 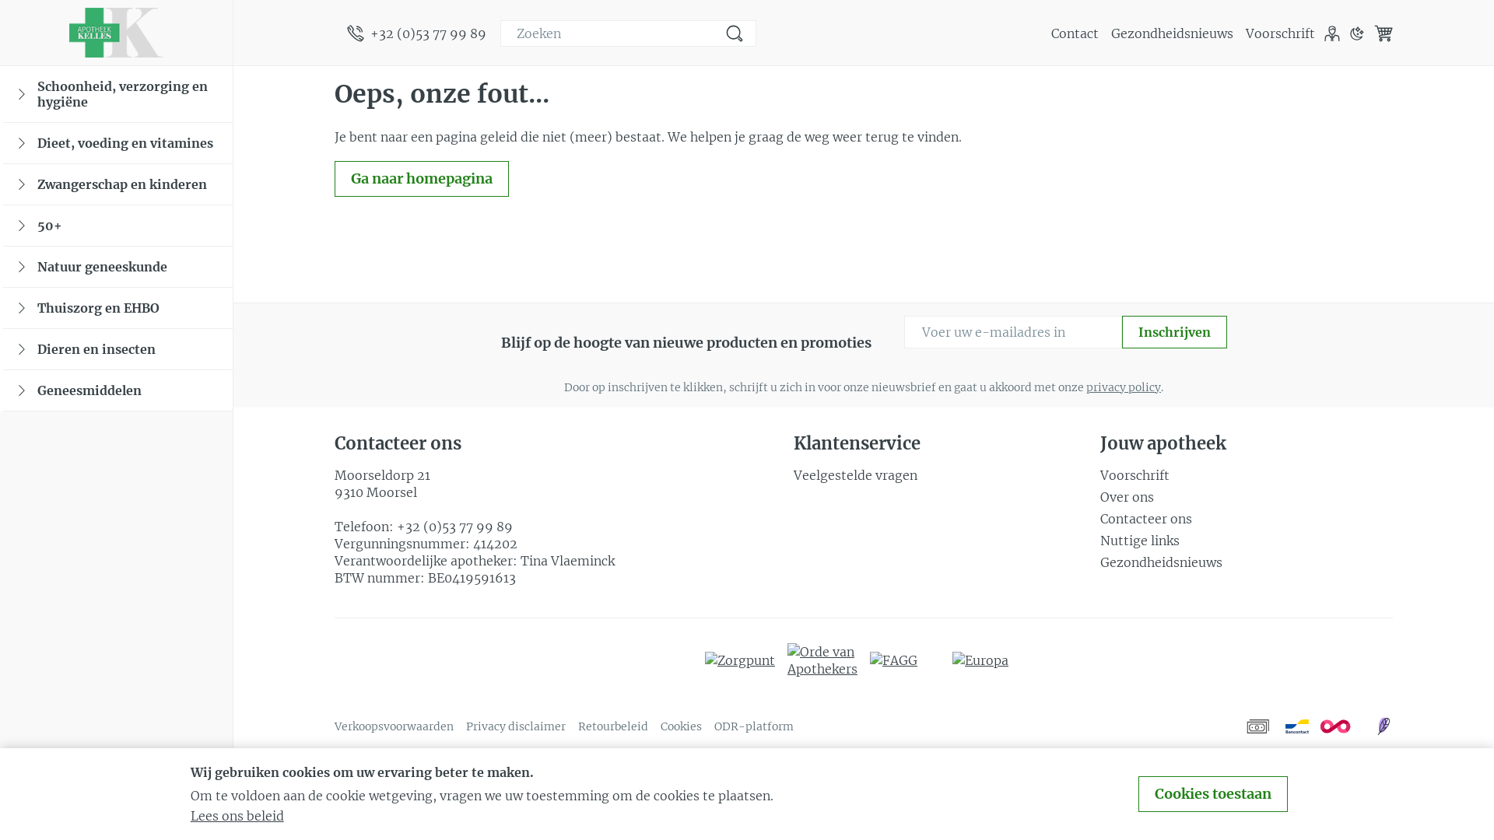 I want to click on 'Apotheek Kelles', so click(x=114, y=33).